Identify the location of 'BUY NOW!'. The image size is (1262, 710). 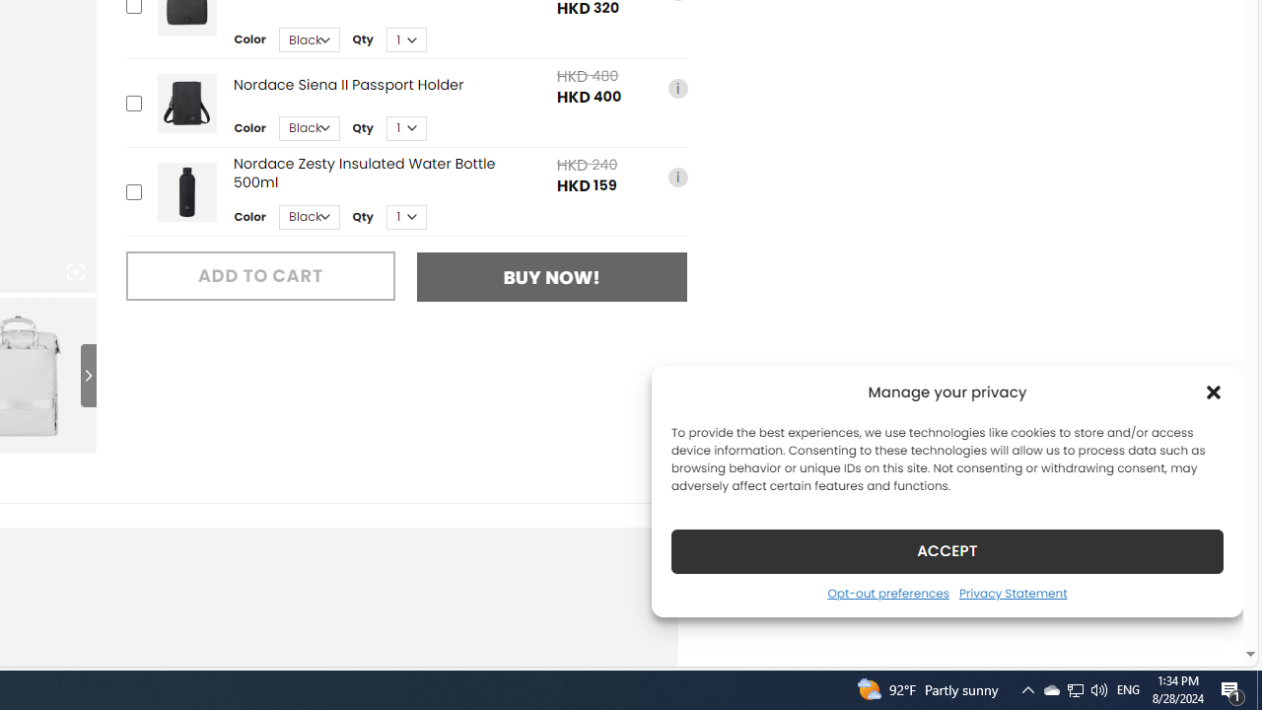
(552, 277).